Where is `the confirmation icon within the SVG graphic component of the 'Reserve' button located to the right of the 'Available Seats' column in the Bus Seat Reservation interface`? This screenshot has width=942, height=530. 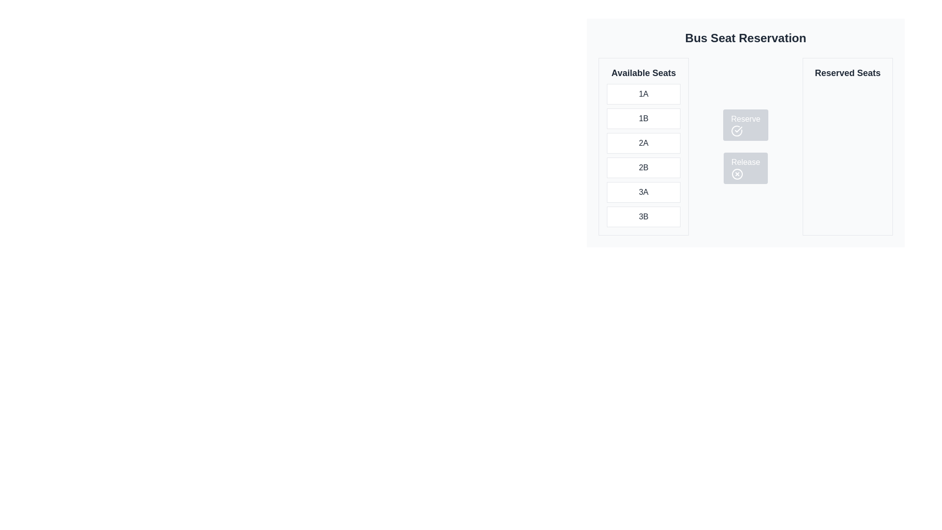 the confirmation icon within the SVG graphic component of the 'Reserve' button located to the right of the 'Available Seats' column in the Bus Seat Reservation interface is located at coordinates (738, 129).